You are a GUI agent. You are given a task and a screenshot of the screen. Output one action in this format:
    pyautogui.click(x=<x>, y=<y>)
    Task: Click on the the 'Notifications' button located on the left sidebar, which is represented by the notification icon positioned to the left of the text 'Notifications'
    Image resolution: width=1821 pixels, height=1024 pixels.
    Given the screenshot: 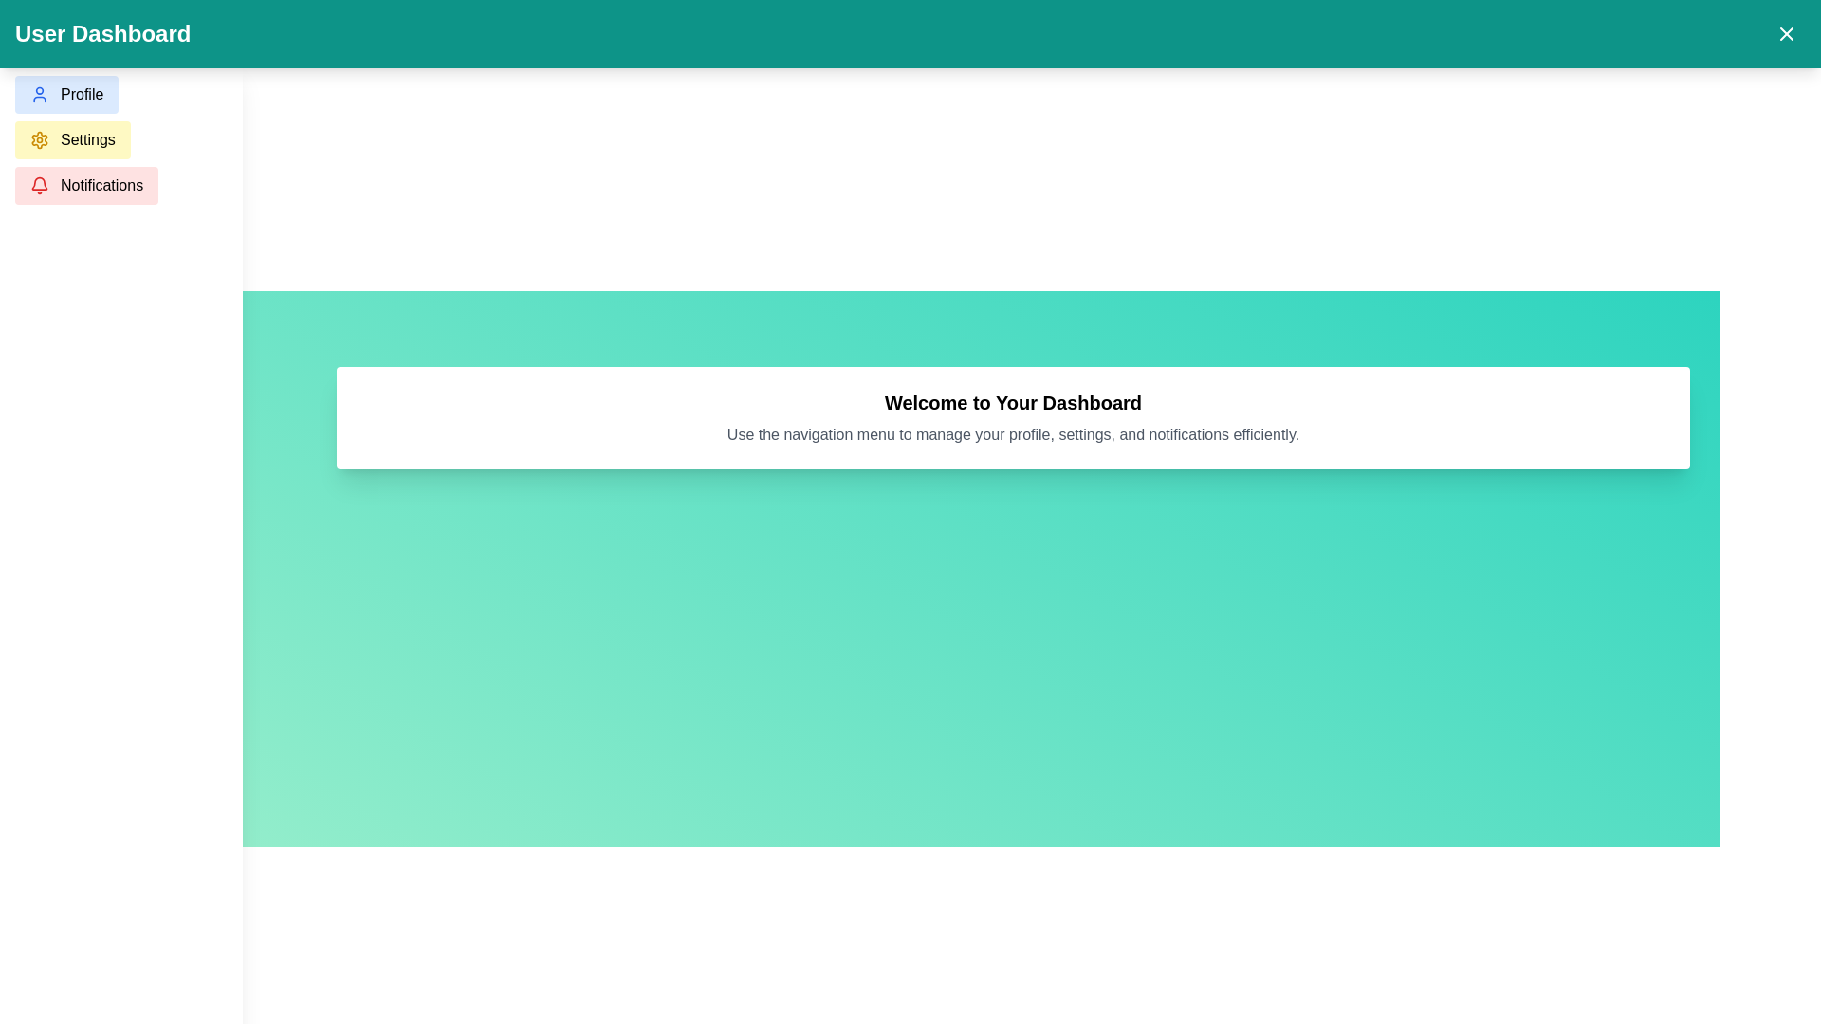 What is the action you would take?
    pyautogui.click(x=40, y=186)
    